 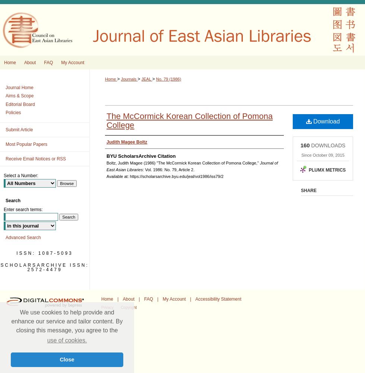 I want to click on 'Boltz, Judith Magee
(1986)
"The McCormick Korean Collection of Pomona College,"', so click(x=183, y=163).